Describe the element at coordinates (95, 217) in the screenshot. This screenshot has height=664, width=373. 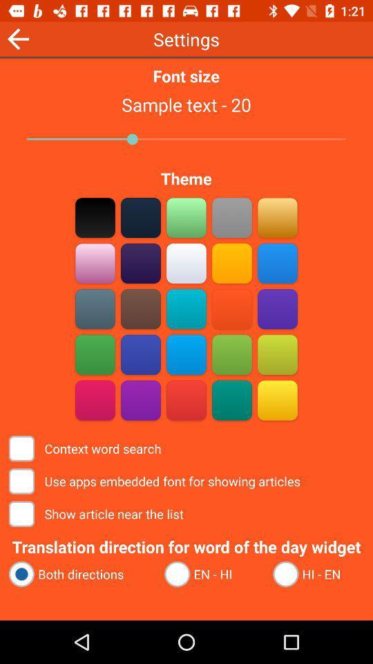
I see `black theme` at that location.